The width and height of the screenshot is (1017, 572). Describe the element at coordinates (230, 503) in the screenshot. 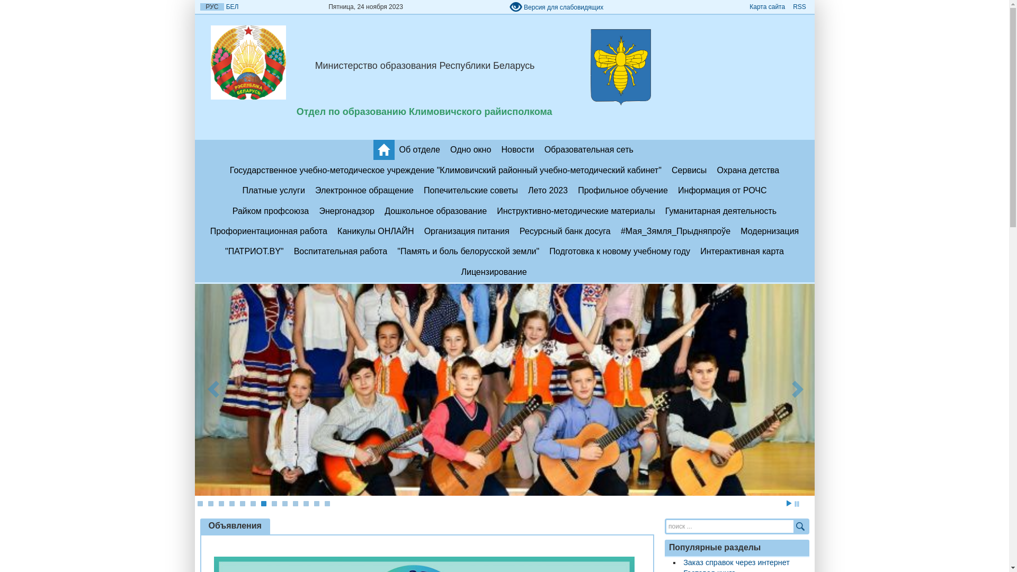

I see `'4'` at that location.